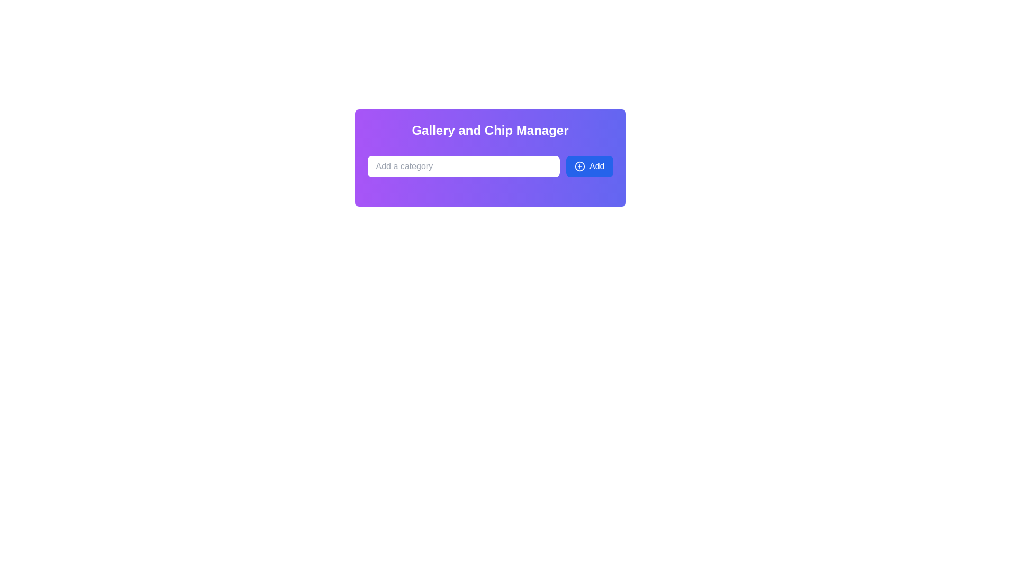 The height and width of the screenshot is (571, 1016). What do you see at coordinates (579, 167) in the screenshot?
I see `the icon located within the 'Add' button on the right end` at bounding box center [579, 167].